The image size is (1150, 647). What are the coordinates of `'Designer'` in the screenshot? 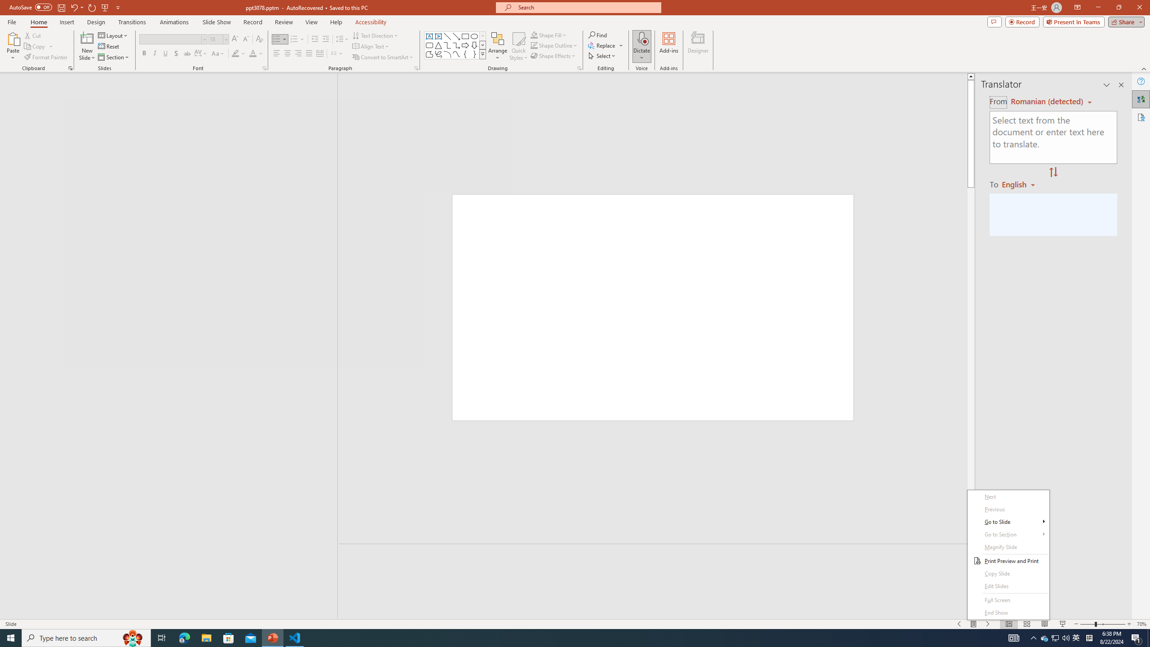 It's located at (698, 46).